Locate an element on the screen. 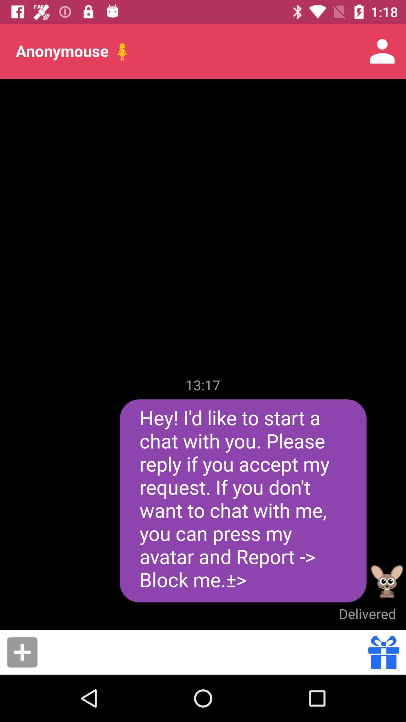  item at the bottom left corner is located at coordinates (22, 652).